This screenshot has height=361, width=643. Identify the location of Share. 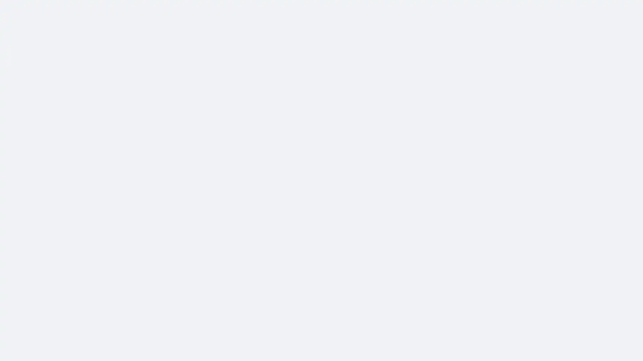
(437, 176).